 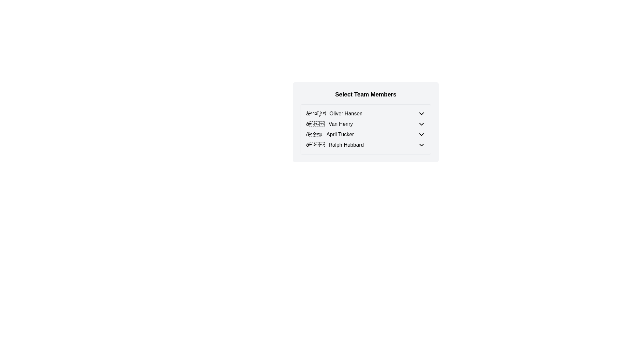 What do you see at coordinates (329, 124) in the screenshot?
I see `the profile information text element displaying the emoji and name 'Van Henry' in the selection list, which is the second item under the header 'Select Team Members'` at bounding box center [329, 124].